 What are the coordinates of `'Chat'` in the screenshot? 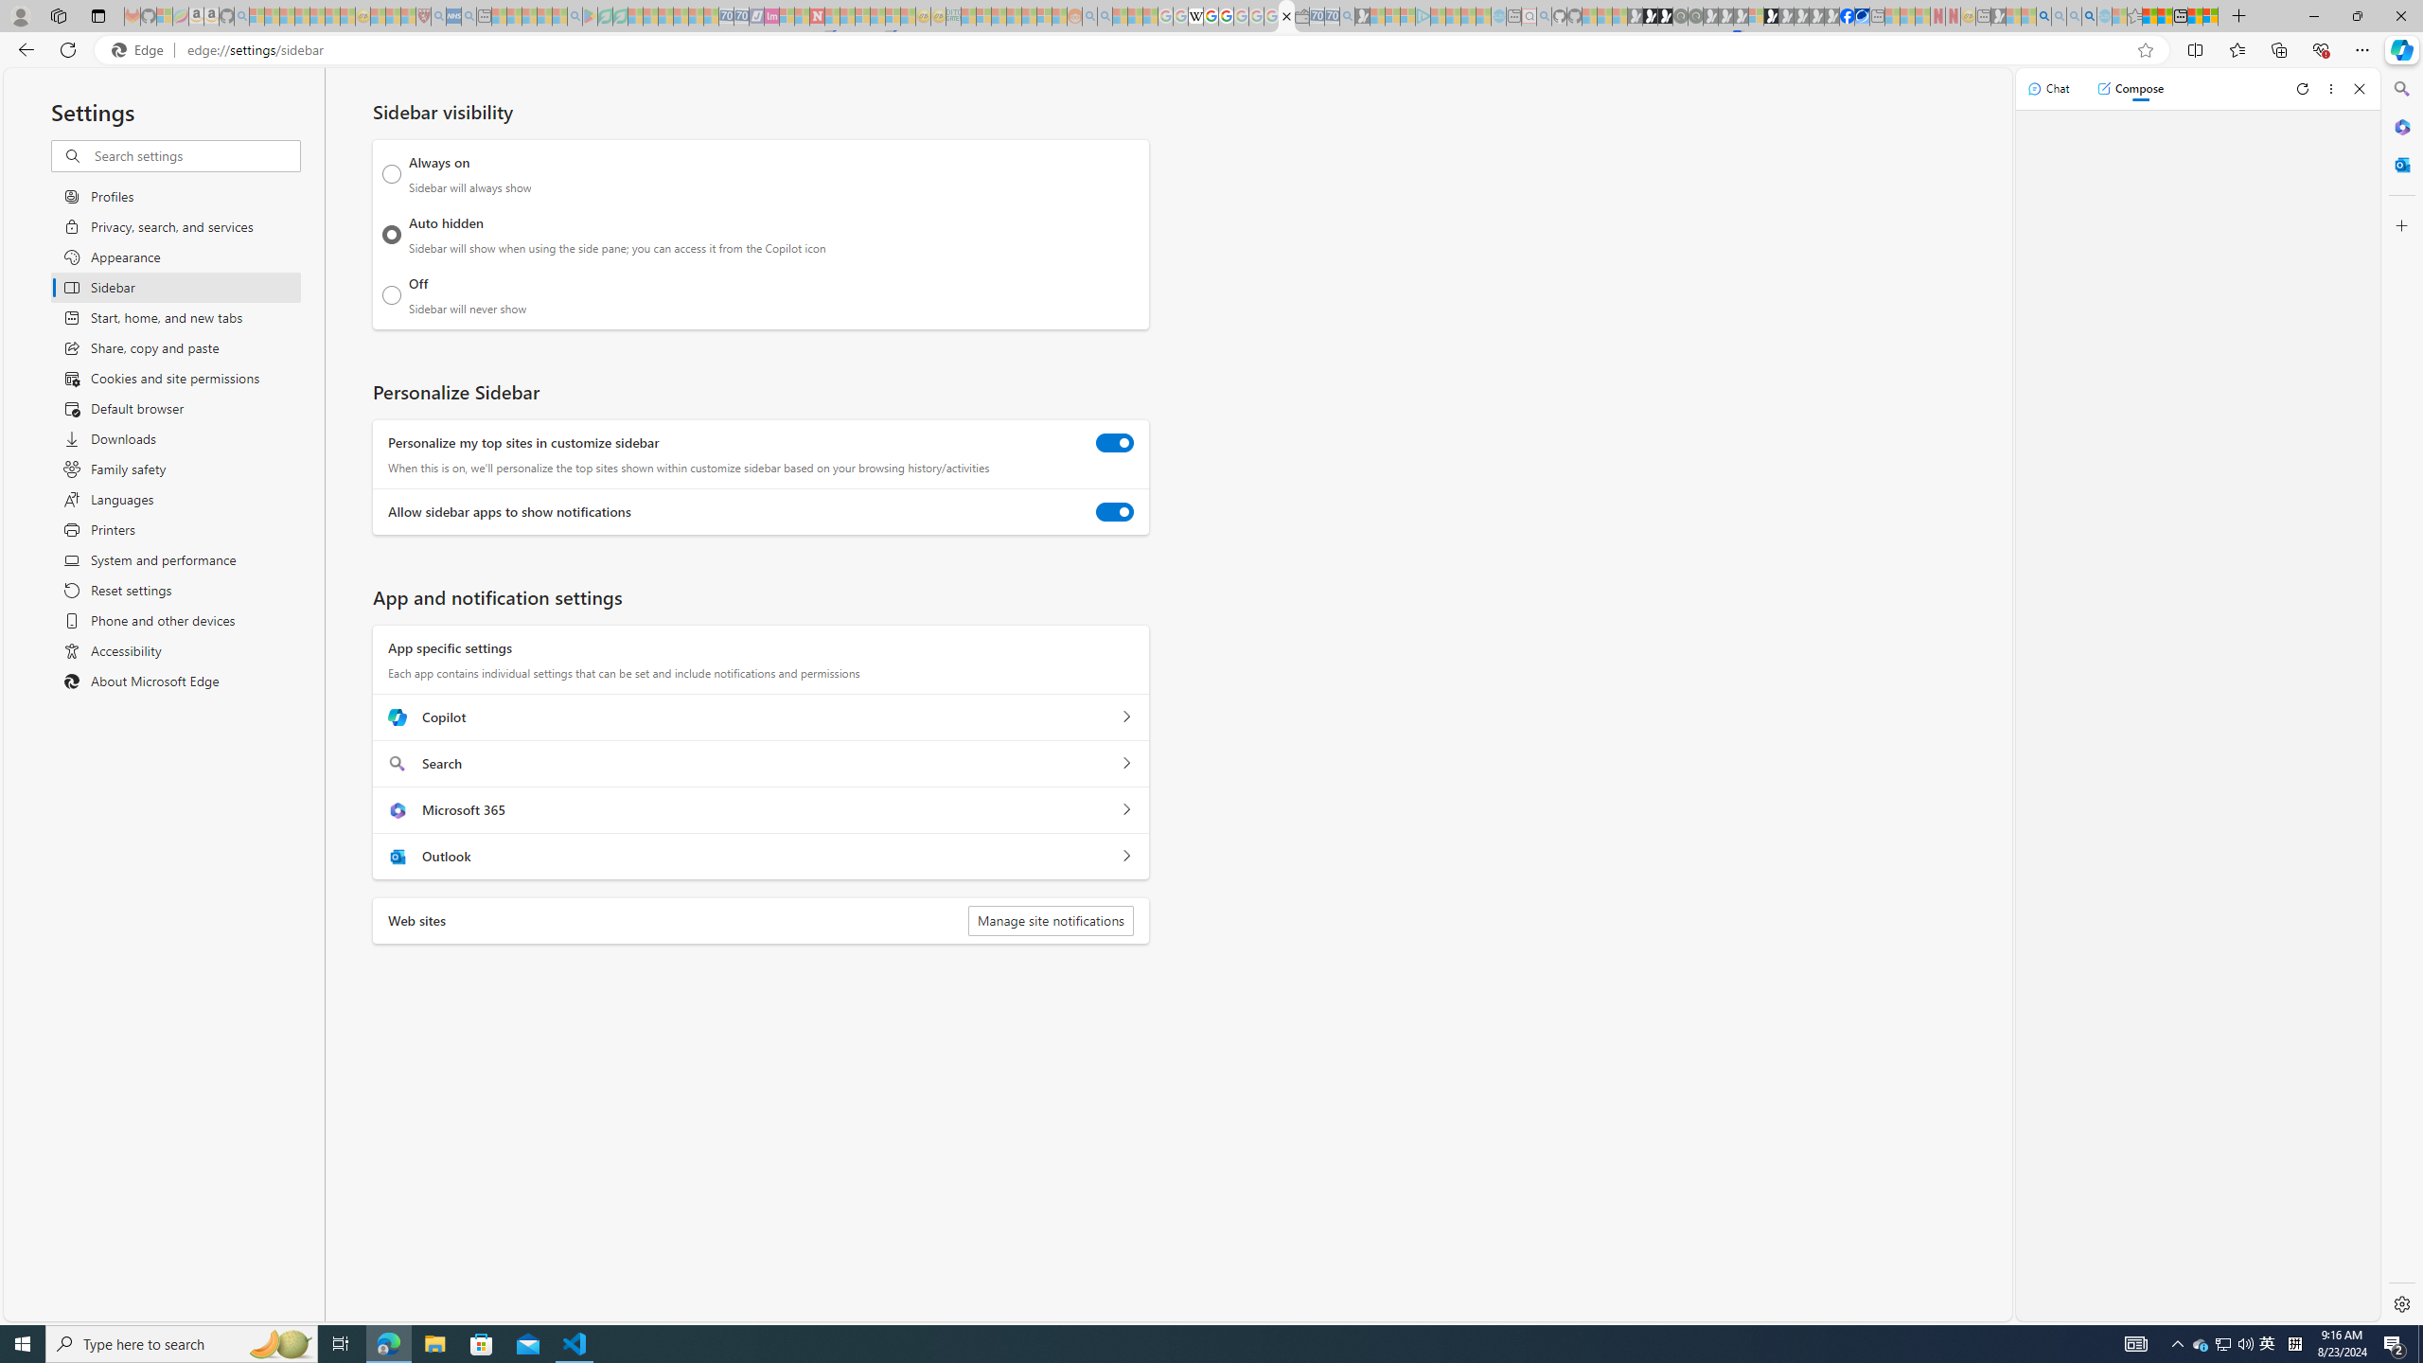 It's located at (2048, 87).